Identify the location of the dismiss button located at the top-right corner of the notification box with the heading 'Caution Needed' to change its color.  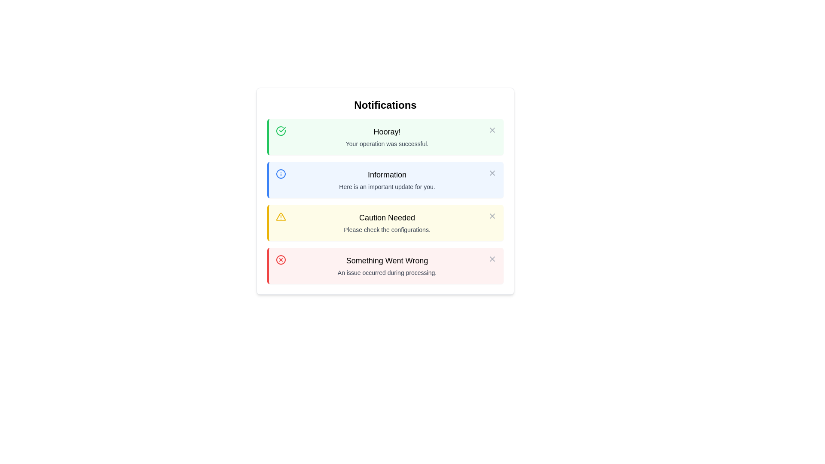
(492, 215).